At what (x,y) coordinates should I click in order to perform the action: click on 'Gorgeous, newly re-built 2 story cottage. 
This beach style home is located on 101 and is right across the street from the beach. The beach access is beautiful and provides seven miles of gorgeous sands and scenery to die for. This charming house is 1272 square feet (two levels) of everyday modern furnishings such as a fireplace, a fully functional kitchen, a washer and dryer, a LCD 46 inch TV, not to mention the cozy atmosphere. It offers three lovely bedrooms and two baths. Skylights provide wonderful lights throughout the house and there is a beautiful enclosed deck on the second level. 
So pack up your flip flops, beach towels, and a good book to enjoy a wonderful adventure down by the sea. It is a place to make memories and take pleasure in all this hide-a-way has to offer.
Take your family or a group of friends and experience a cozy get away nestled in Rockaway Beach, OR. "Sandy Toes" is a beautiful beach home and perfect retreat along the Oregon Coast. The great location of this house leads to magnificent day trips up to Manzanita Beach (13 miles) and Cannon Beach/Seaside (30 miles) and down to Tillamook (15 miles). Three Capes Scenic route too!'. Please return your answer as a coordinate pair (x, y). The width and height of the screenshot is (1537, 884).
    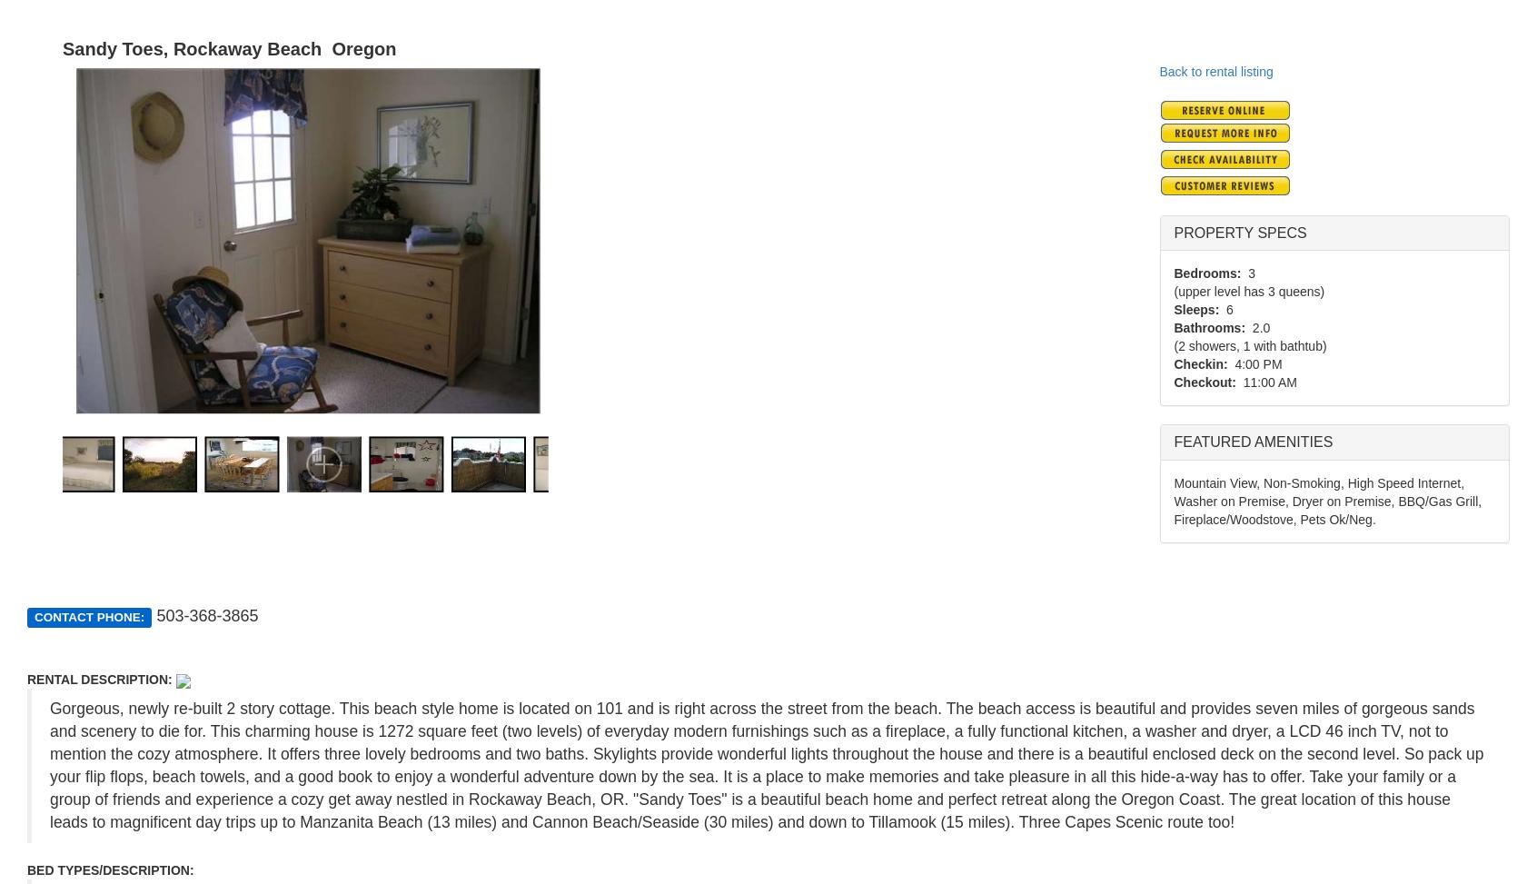
    Looking at the image, I should click on (766, 765).